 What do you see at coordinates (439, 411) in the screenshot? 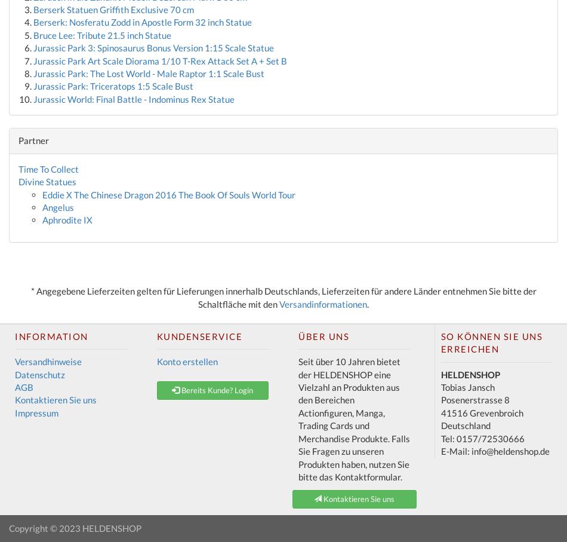
I see `'41516 Grevenbroich'` at bounding box center [439, 411].